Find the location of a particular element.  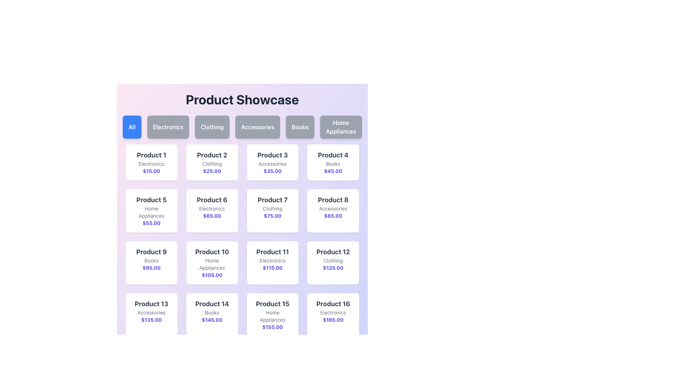

the card labeled 'Product 16' which features a white background, rounded corners, and displays '$165.00' at the bottom is located at coordinates (333, 314).